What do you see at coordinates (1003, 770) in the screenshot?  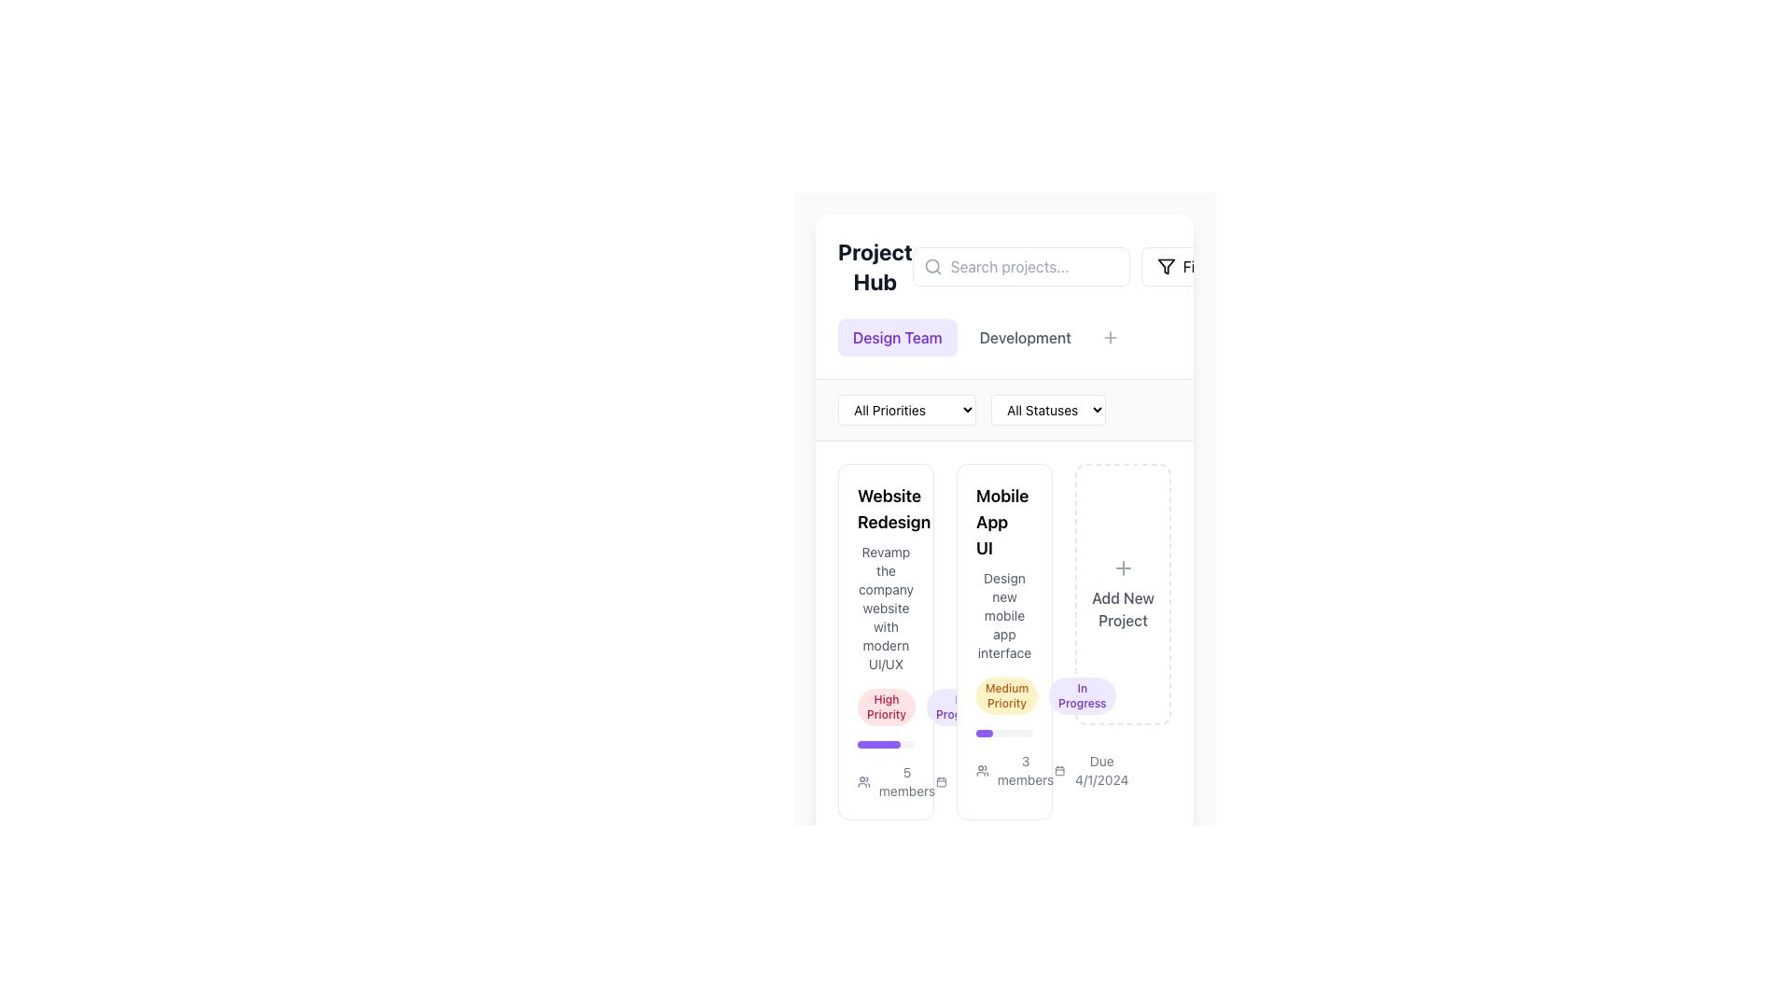 I see `the label displaying '3 members' with a gray font and an icon of two stylized human outlines, located above the progress bar in the 'Mobile App UI' card` at bounding box center [1003, 770].